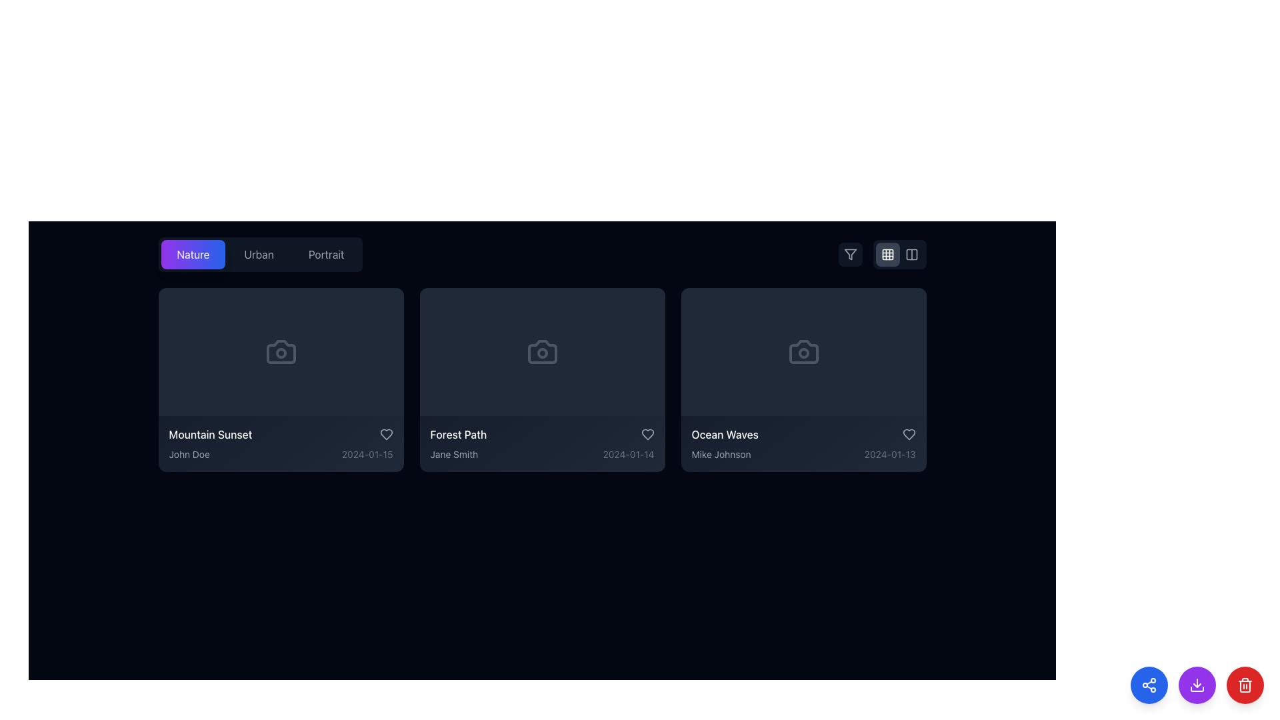 The image size is (1280, 720). Describe the element at coordinates (542, 352) in the screenshot. I see `the decorative circle within the camera icon, which symbolizes photo or media content in the second photo card of a horizontally aligned grid of three cards` at that location.